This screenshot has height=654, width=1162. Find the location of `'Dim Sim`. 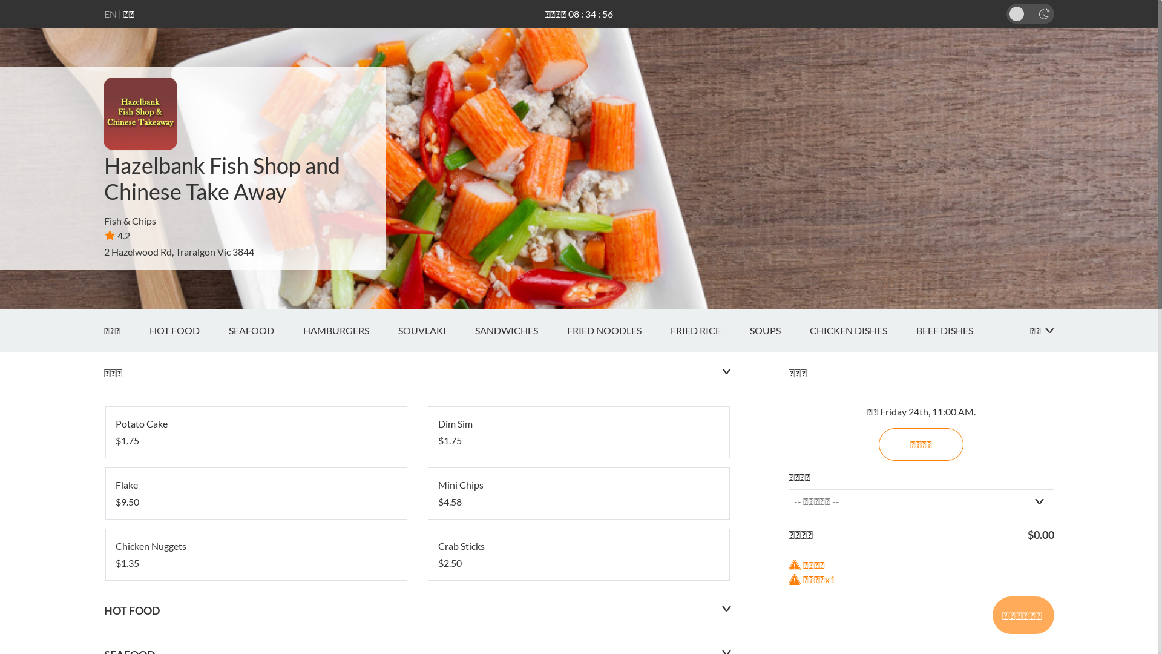

'Dim Sim is located at coordinates (578, 431).